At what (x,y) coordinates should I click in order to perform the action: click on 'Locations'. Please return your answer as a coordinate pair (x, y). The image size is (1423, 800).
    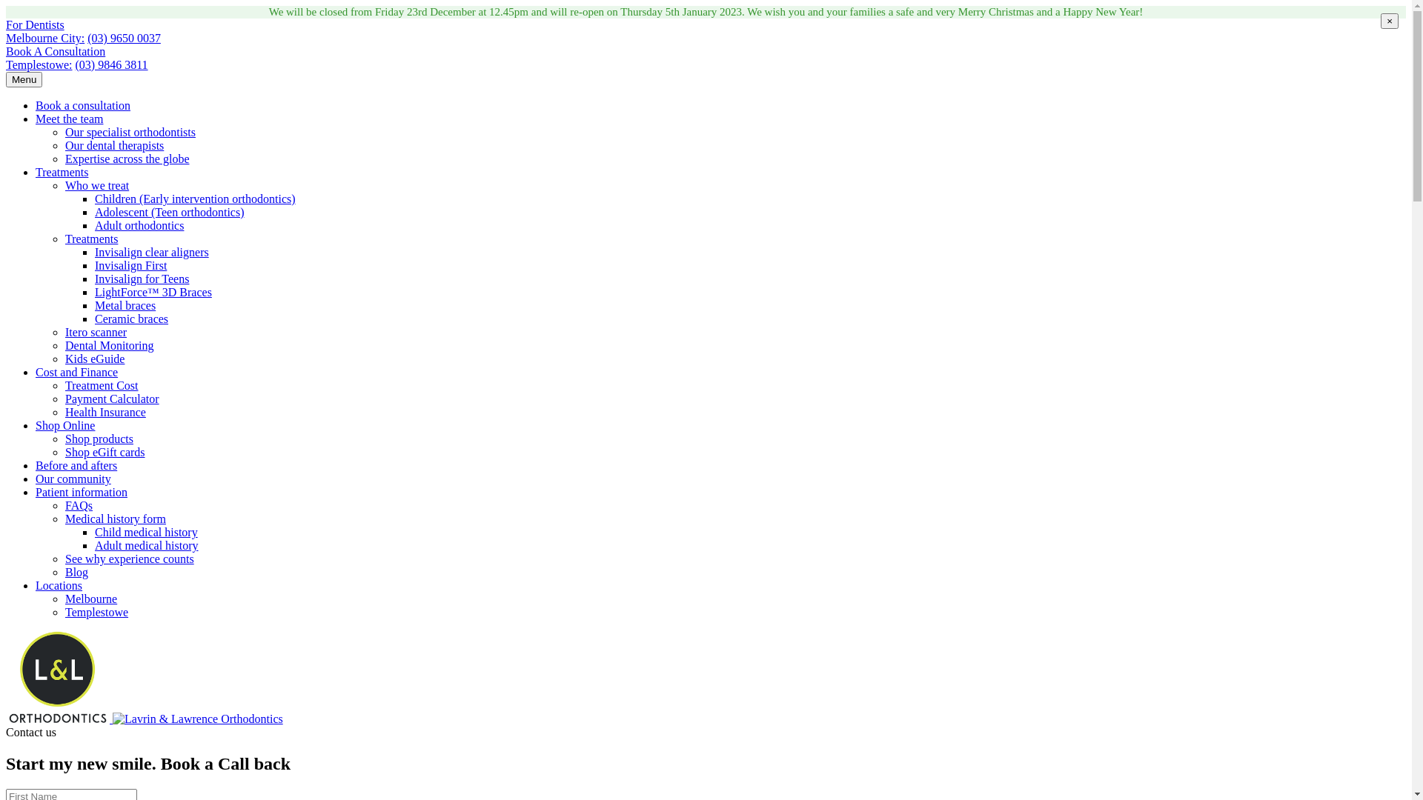
    Looking at the image, I should click on (36, 584).